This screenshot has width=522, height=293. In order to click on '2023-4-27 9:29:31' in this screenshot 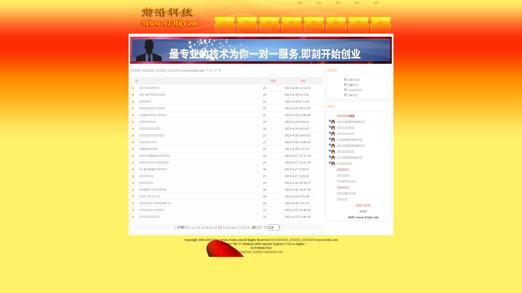, I will do `click(296, 169)`.